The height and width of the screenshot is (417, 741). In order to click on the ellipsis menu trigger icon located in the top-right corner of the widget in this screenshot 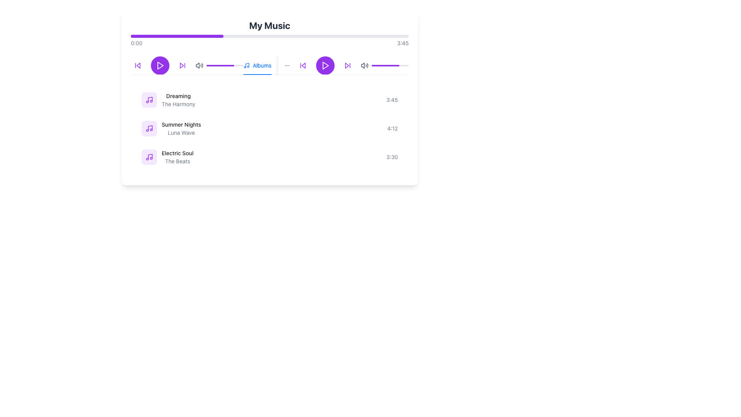, I will do `click(287, 65)`.